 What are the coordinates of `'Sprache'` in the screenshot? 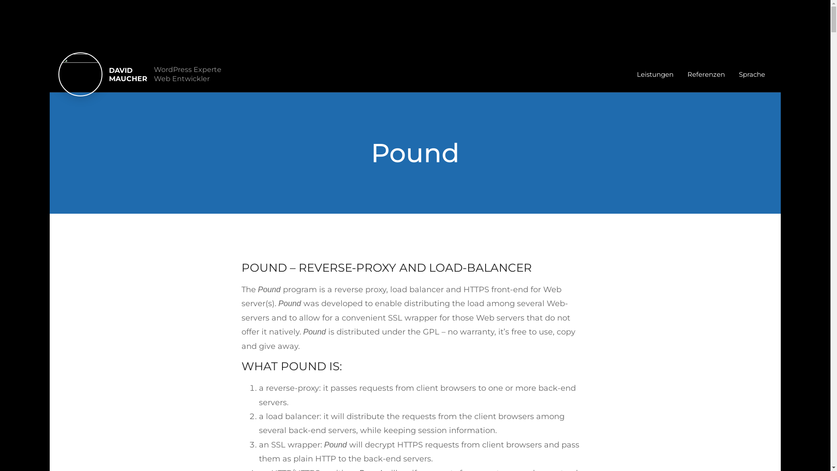 It's located at (732, 74).